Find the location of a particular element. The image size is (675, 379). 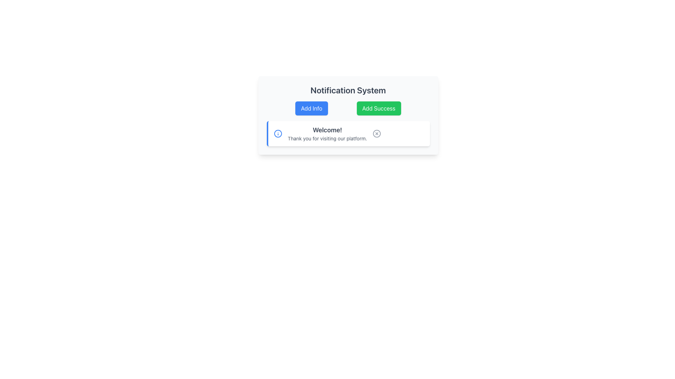

the static text element that reads 'Thank you for visiting our platform.', which is styled with a smaller gray font and located directly below the 'Welcome!' text in a white card interface is located at coordinates (327, 138).